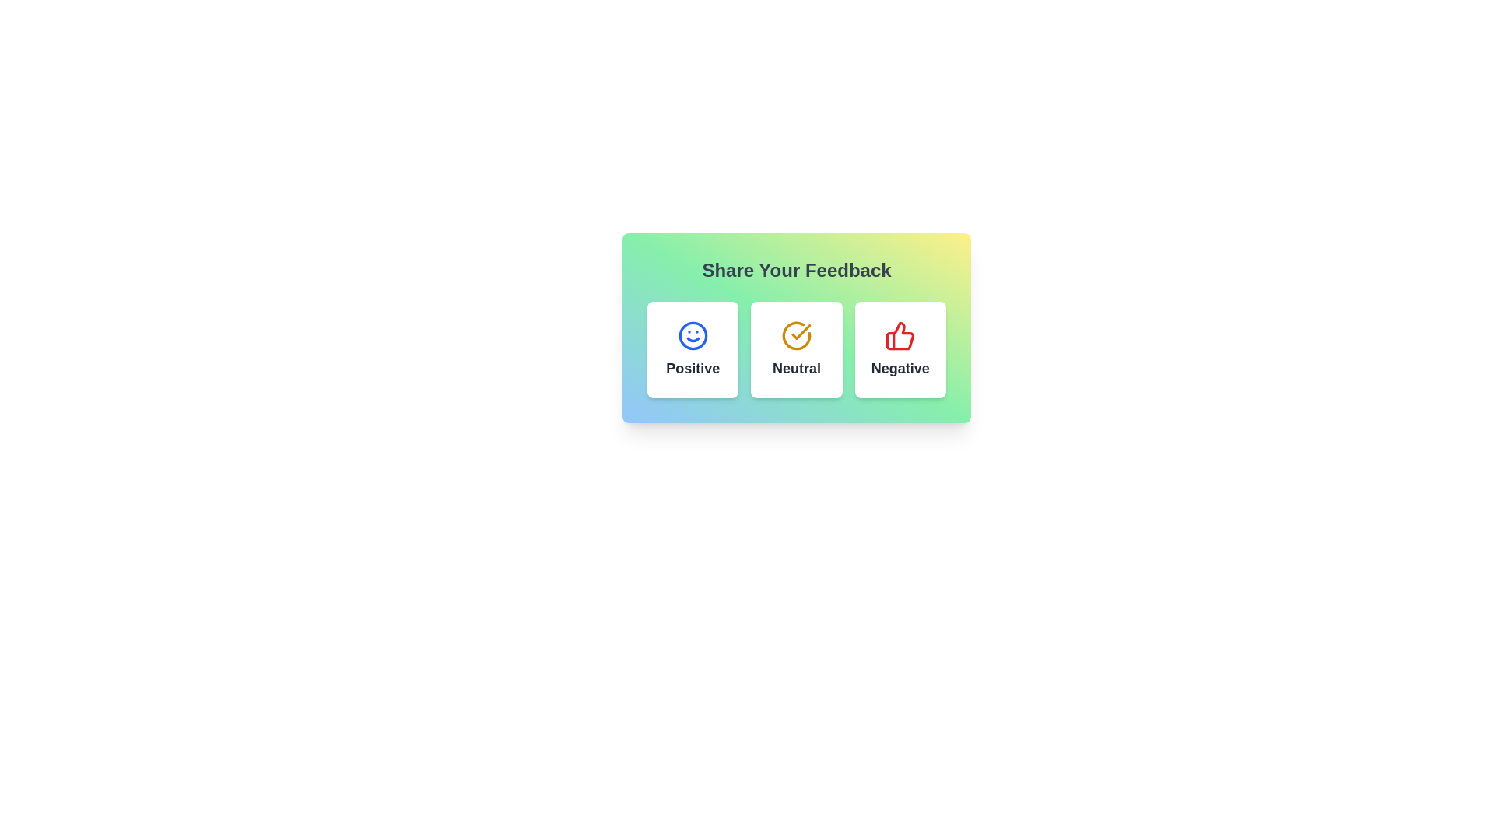 This screenshot has height=840, width=1494. I want to click on the 'Neutral' feedback option text label, which is centered under a yellow circular icon with a checkmark and is part of a group of three feedback options, so click(796, 369).